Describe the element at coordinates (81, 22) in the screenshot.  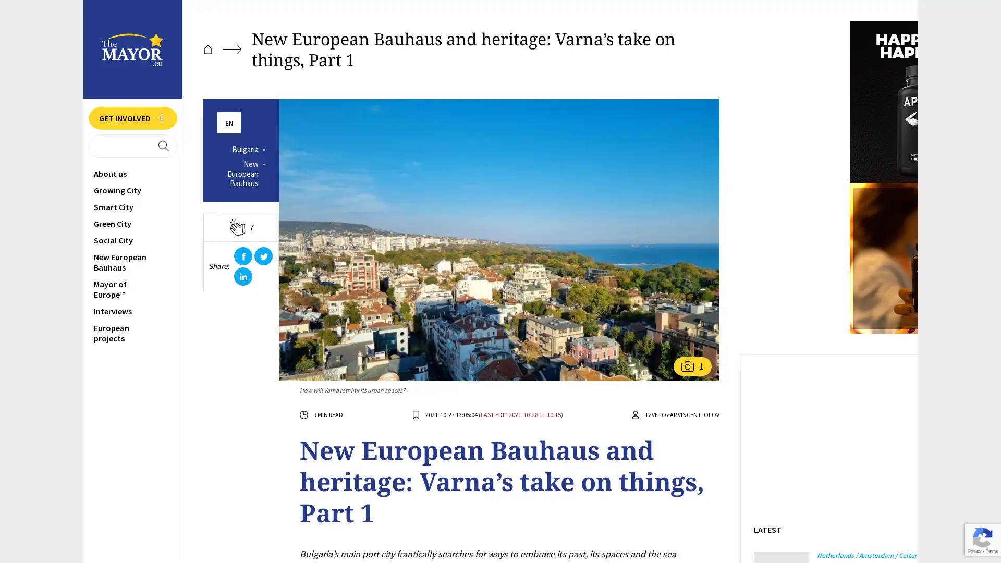
I see `Search` at that location.